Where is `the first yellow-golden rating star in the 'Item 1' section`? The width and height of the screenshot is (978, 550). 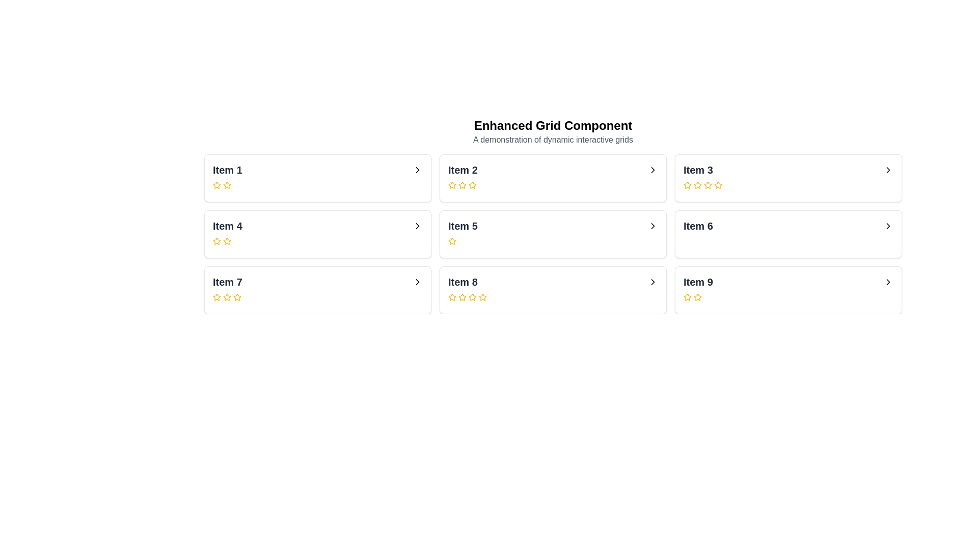
the first yellow-golden rating star in the 'Item 1' section is located at coordinates (216, 185).